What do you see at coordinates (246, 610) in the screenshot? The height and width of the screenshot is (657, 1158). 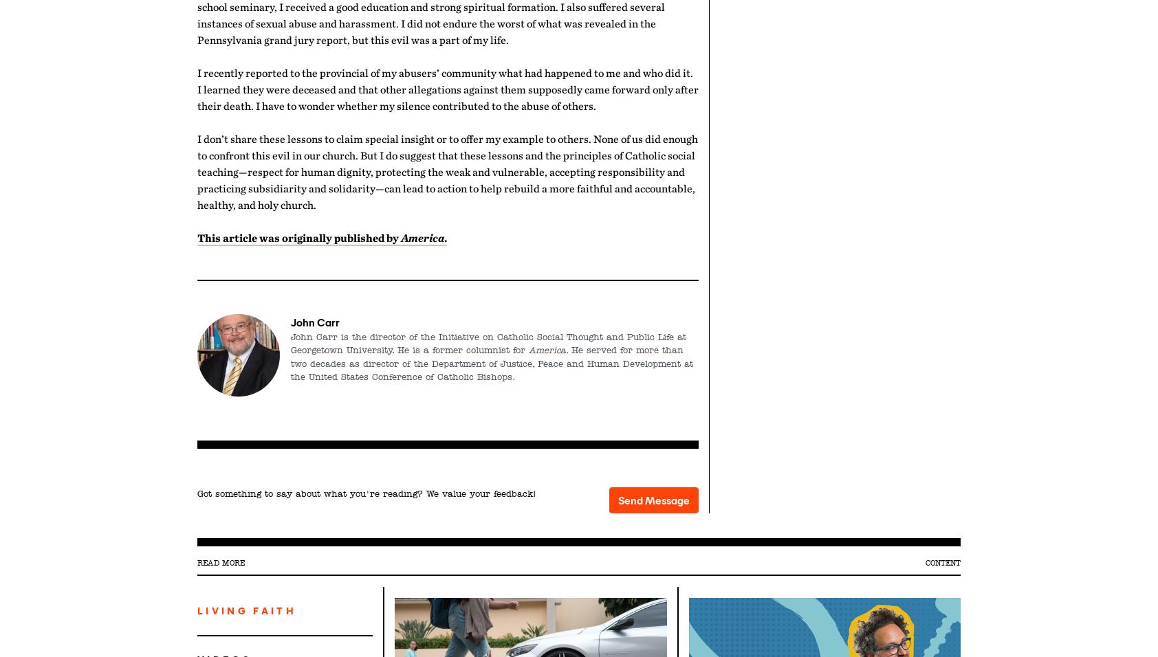 I see `'Living Faith'` at bounding box center [246, 610].